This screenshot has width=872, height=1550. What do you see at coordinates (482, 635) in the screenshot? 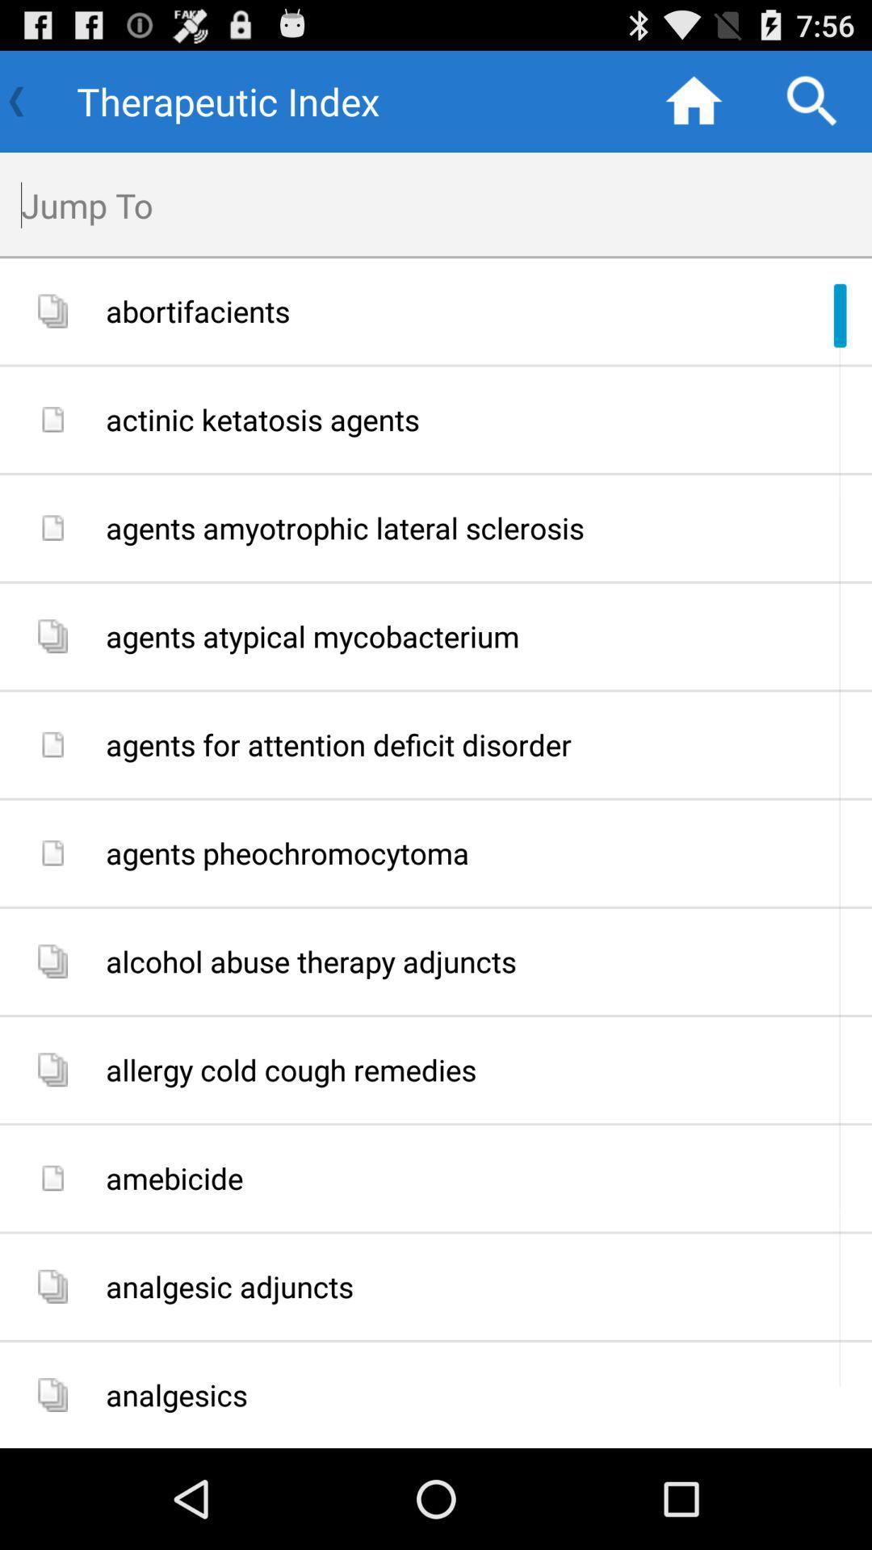
I see `icon below the agents amyotrophic lateral item` at bounding box center [482, 635].